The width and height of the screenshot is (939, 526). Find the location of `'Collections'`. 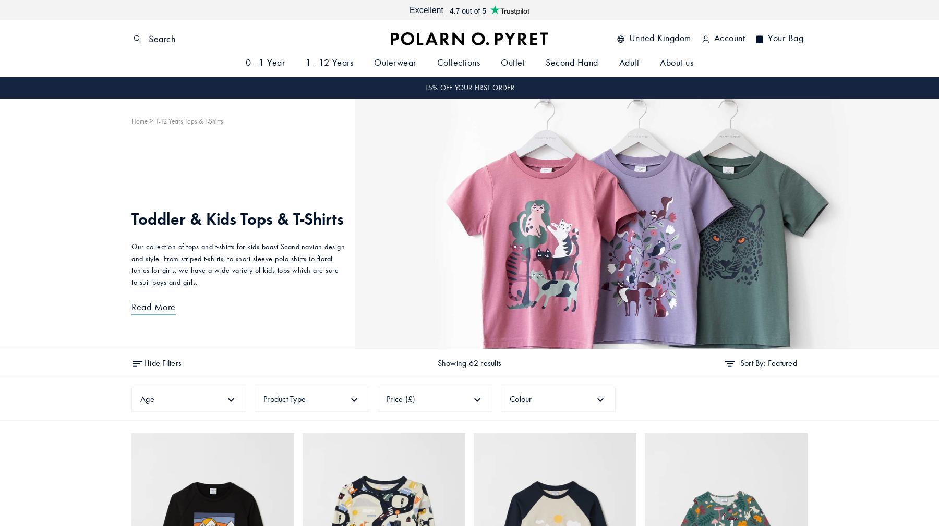

'Collections' is located at coordinates (458, 62).